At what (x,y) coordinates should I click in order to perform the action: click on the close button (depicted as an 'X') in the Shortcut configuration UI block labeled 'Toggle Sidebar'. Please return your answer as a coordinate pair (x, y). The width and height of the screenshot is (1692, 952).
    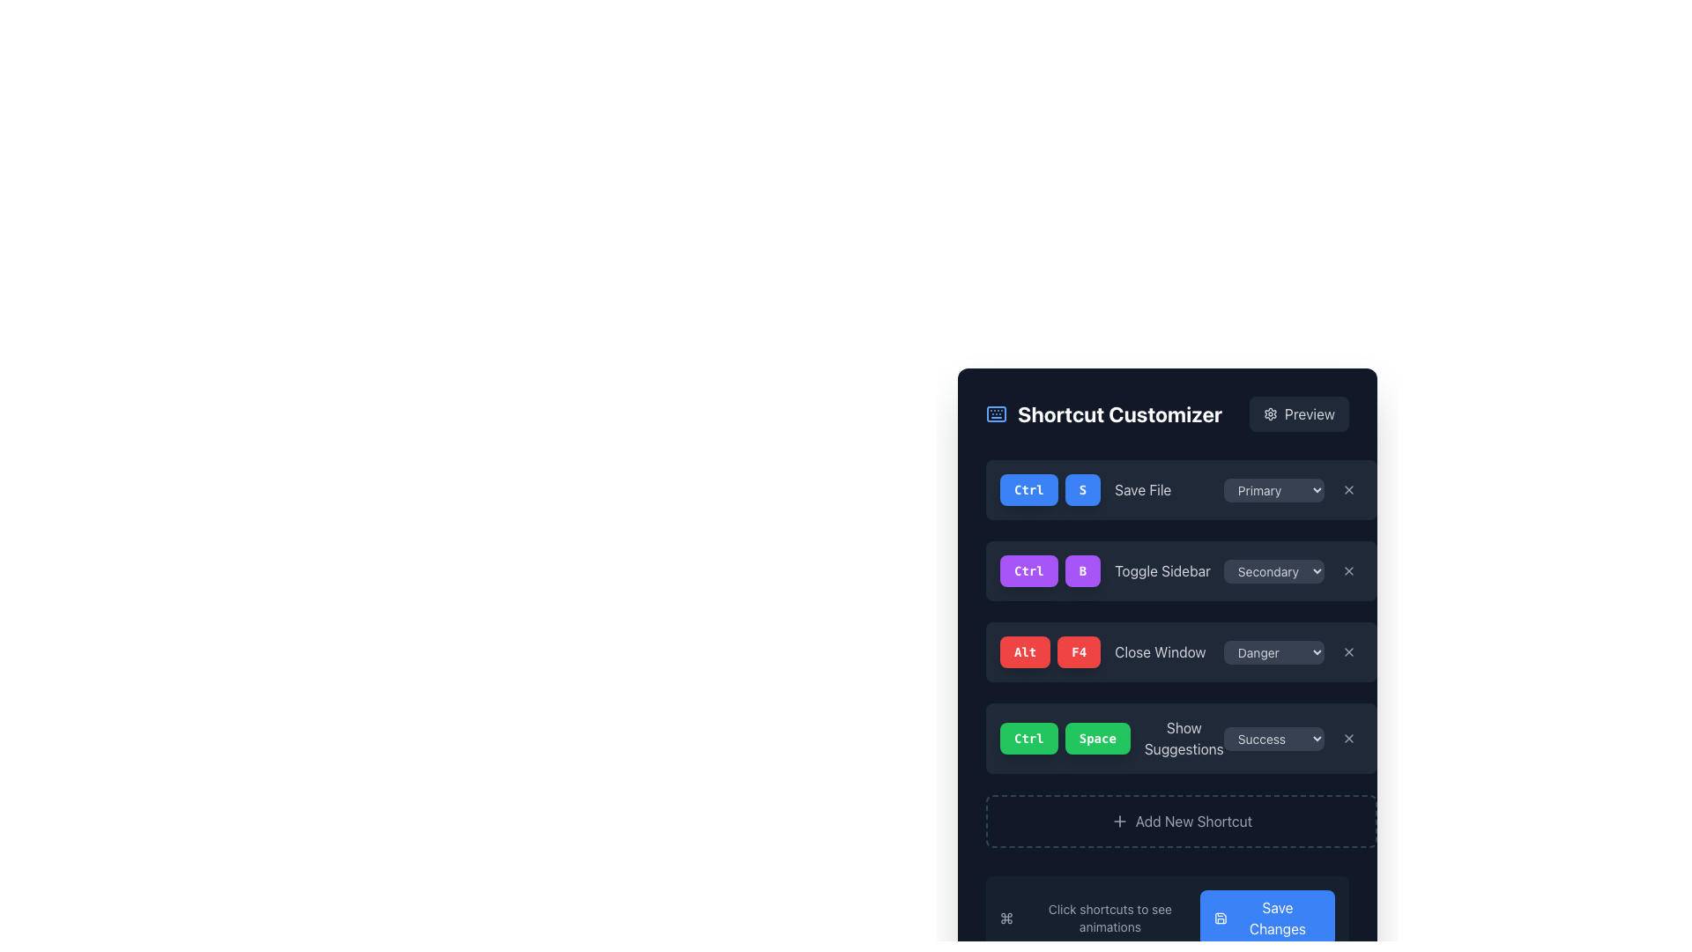
    Looking at the image, I should click on (1181, 571).